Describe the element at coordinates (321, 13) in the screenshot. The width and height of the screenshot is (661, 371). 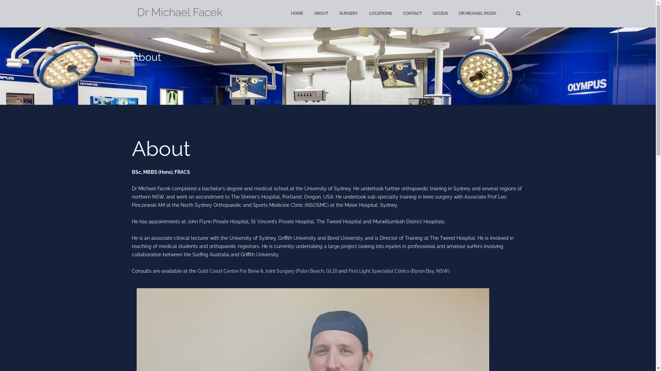
I see `'ABOUT'` at that location.